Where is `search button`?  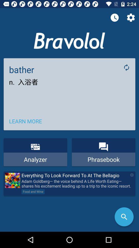
search button is located at coordinates (124, 217).